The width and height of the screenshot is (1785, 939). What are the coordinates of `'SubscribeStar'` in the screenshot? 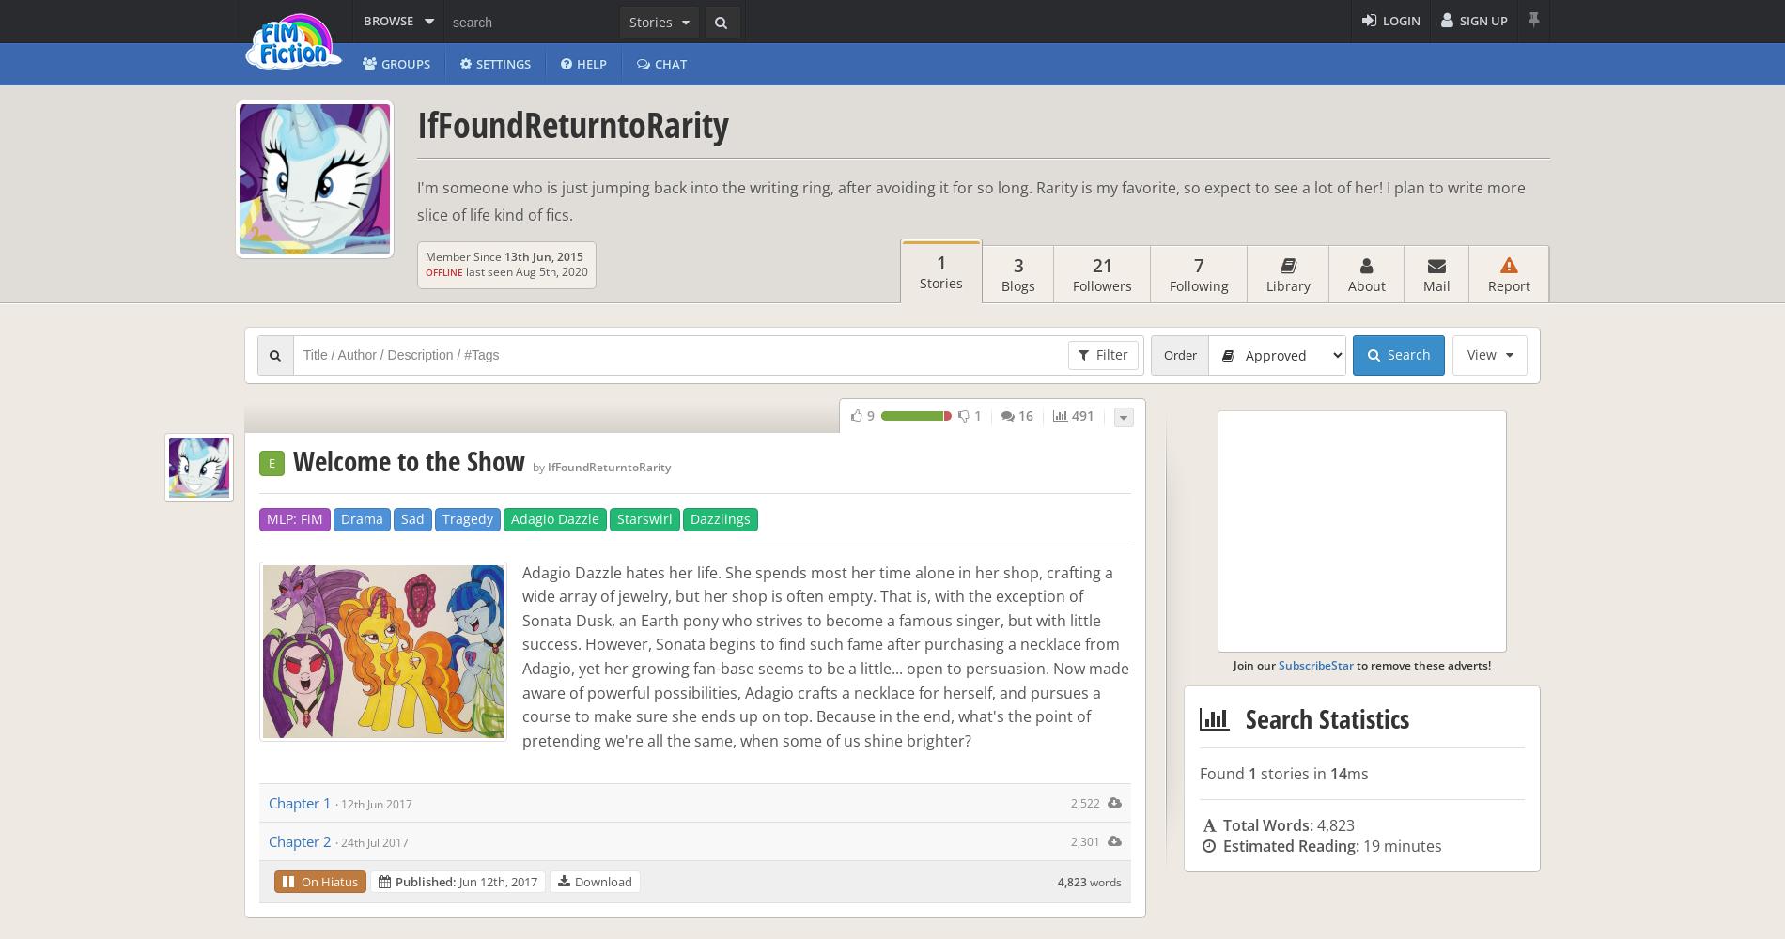 It's located at (1277, 663).